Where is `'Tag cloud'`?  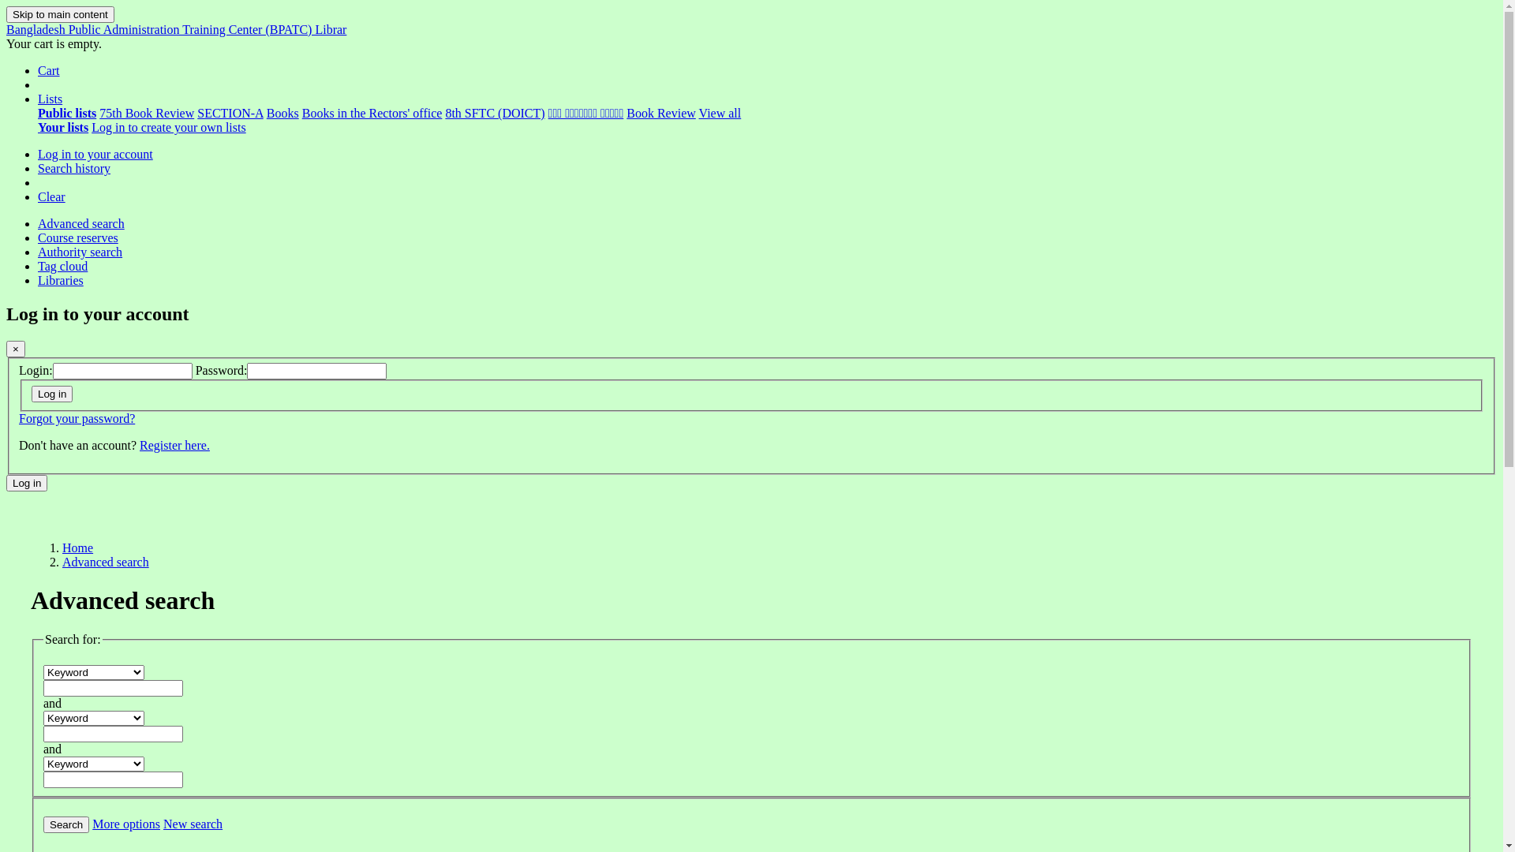
'Tag cloud' is located at coordinates (62, 265).